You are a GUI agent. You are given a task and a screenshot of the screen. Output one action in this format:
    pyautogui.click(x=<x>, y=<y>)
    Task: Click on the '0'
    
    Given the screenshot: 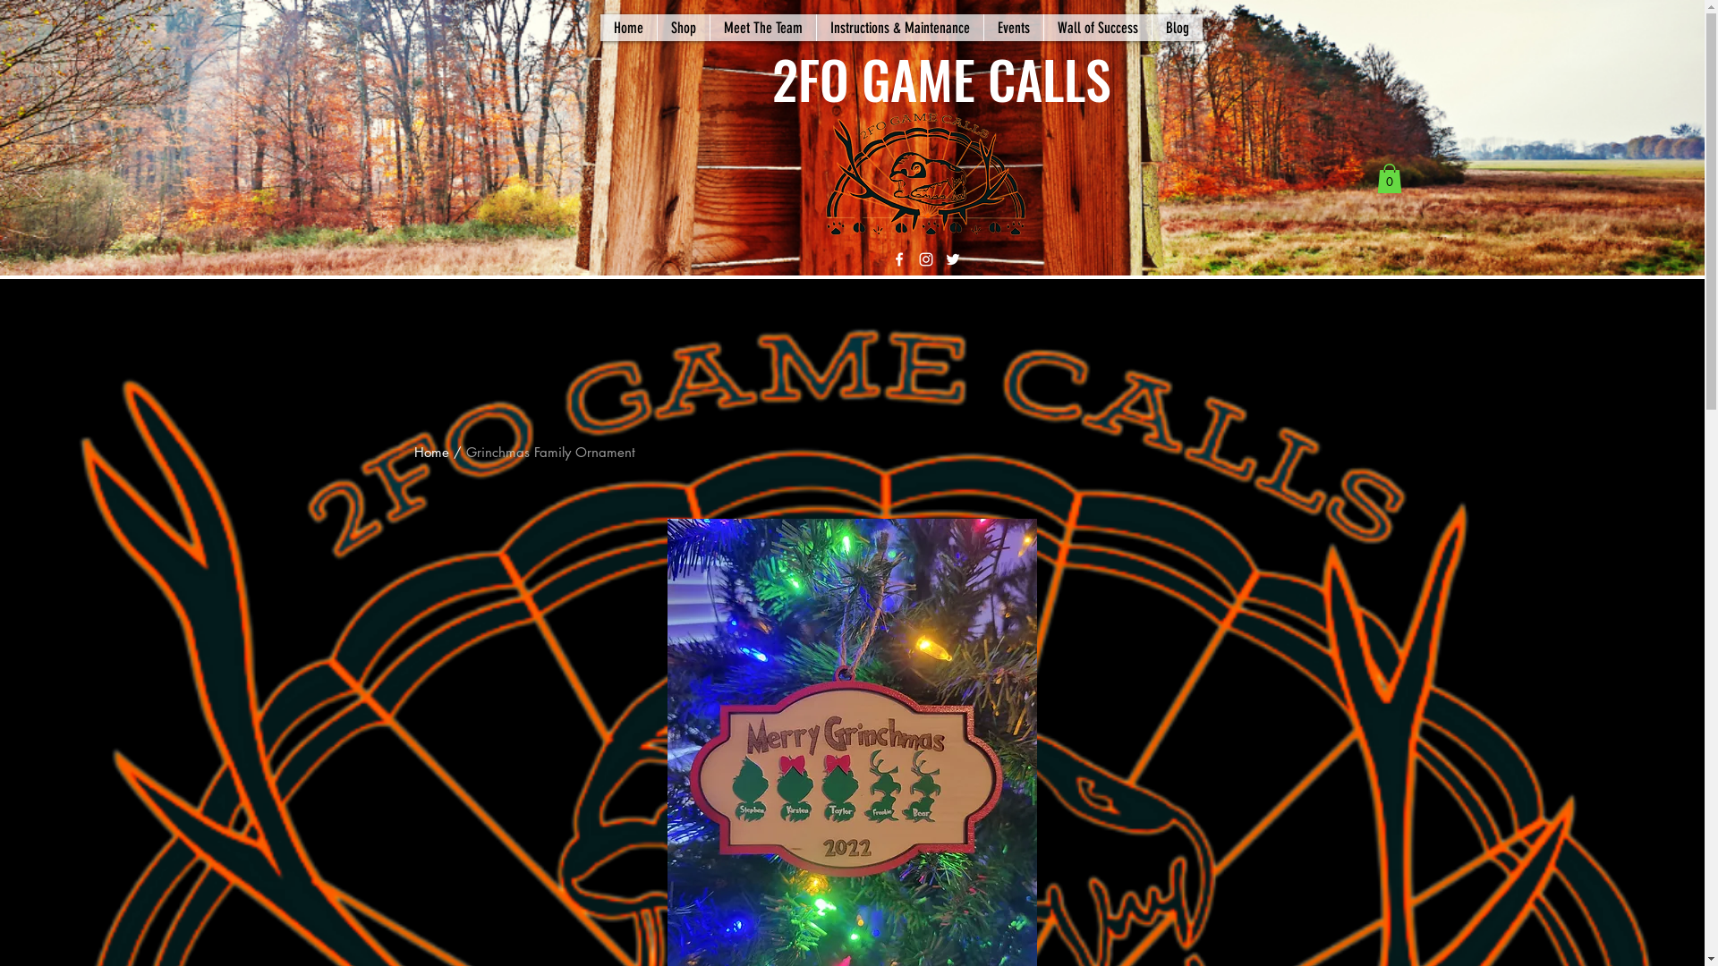 What is the action you would take?
    pyautogui.click(x=1389, y=178)
    